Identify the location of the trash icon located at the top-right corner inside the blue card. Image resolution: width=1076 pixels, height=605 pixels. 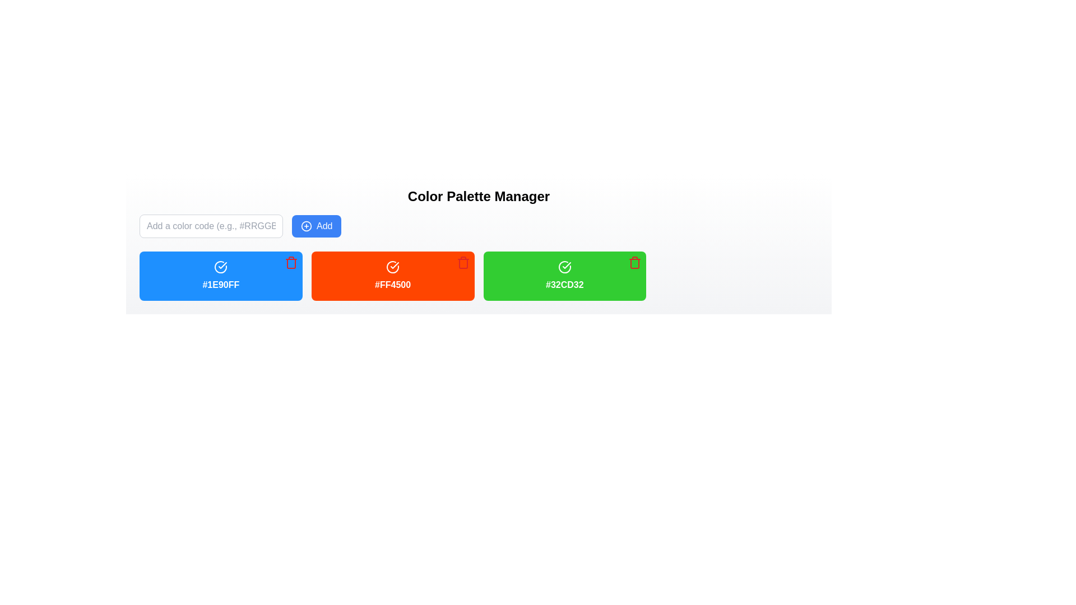
(291, 263).